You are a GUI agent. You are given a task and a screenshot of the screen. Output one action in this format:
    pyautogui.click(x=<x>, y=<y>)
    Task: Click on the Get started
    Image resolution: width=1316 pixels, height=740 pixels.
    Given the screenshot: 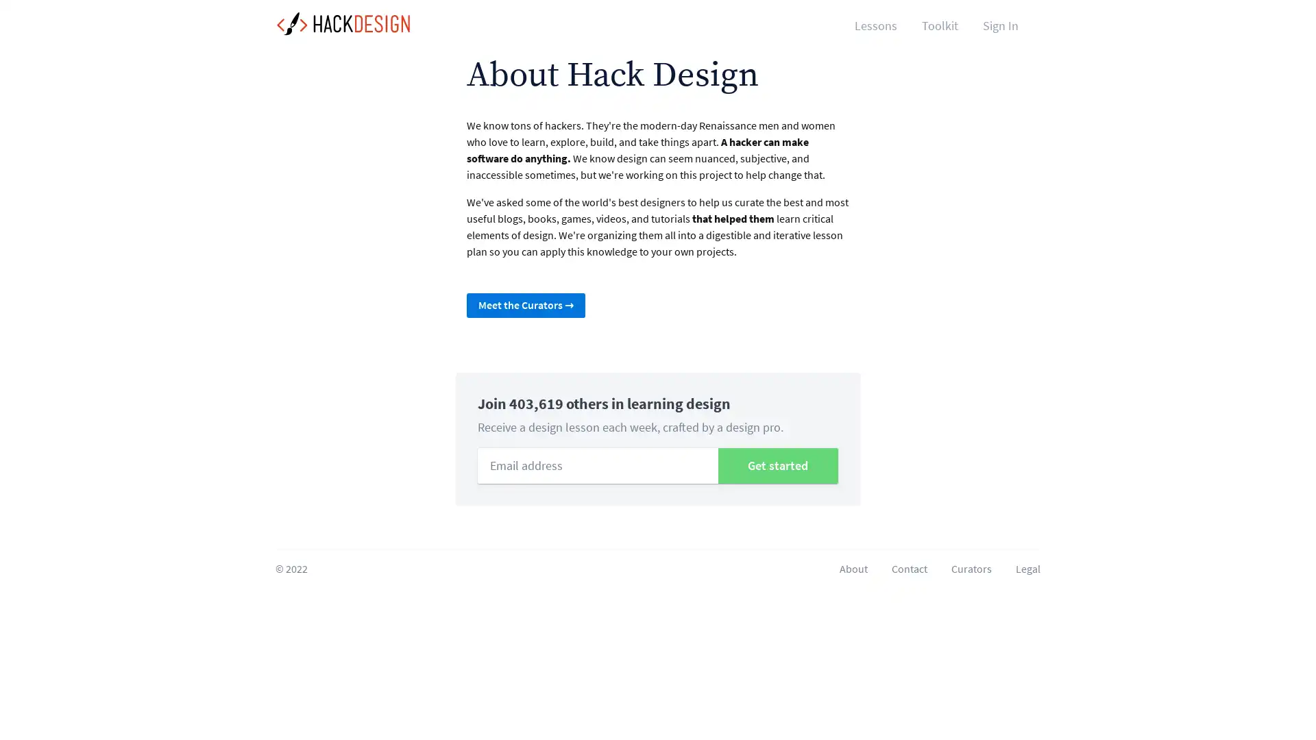 What is the action you would take?
    pyautogui.click(x=777, y=465)
    